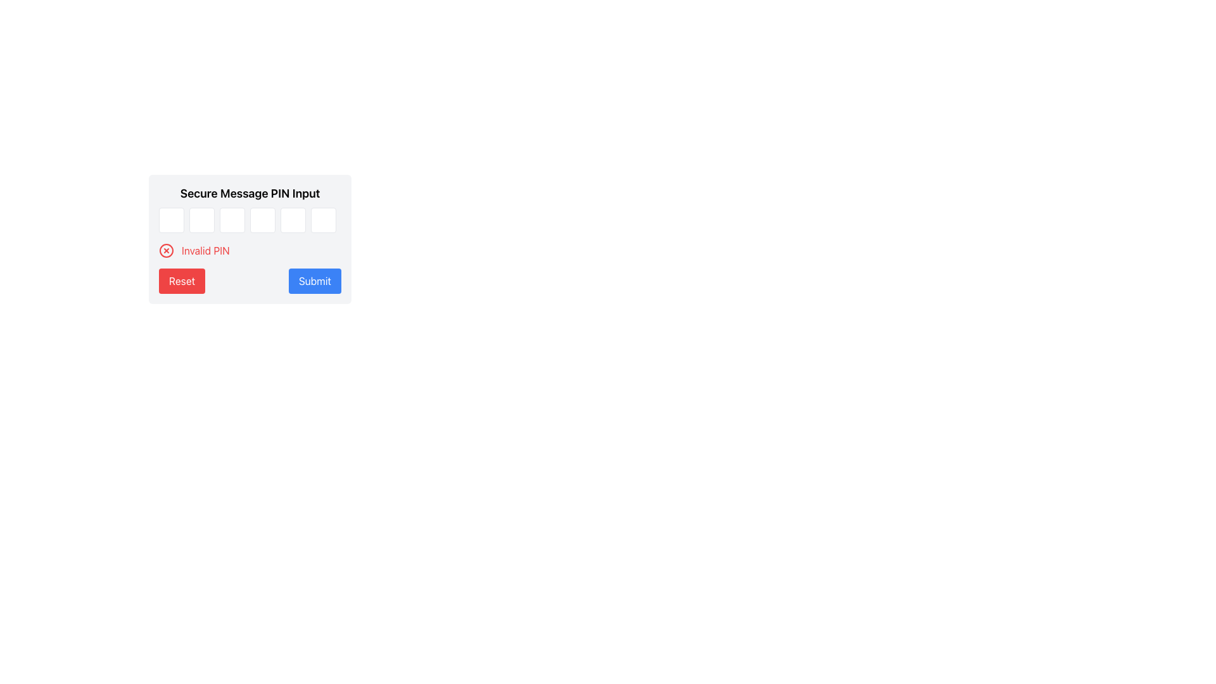  What do you see at coordinates (166, 251) in the screenshot?
I see `the error indication SVG graphic (circle with 'X' mark) located to the left of the 'Invalid PIN' text in the error notification area` at bounding box center [166, 251].